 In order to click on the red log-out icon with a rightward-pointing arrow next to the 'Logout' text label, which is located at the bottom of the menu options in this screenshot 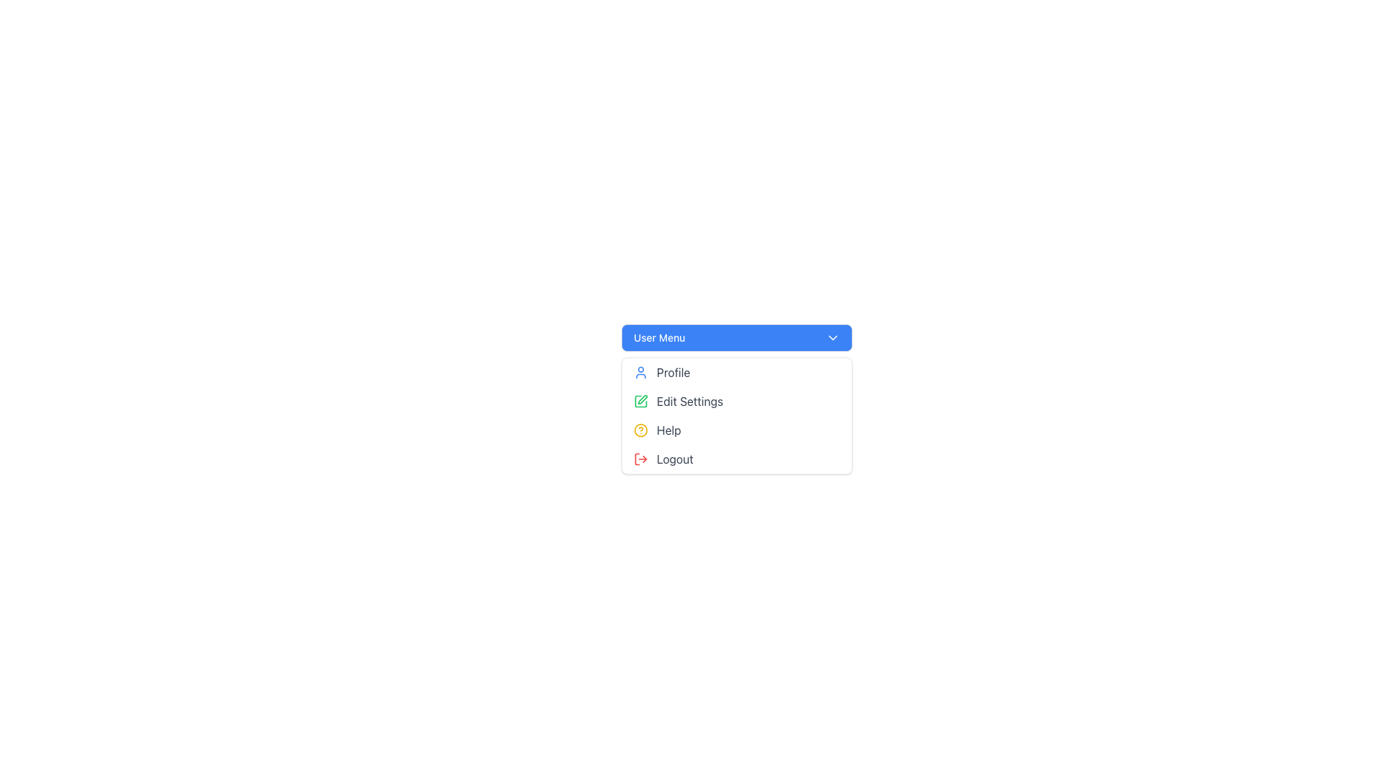, I will do `click(640, 459)`.